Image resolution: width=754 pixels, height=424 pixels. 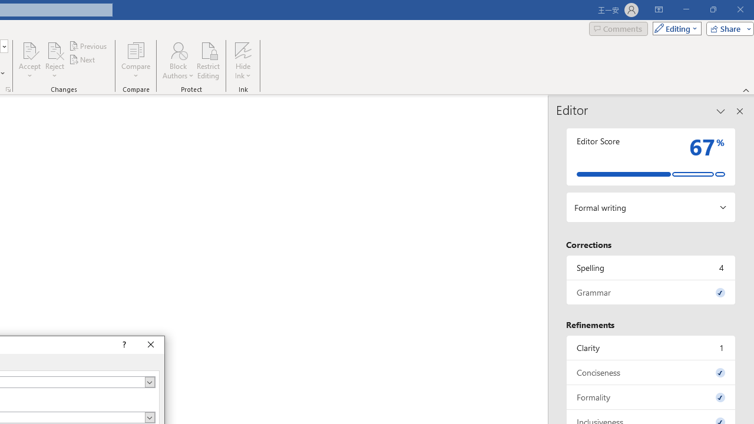 I want to click on 'Editor Score 67%', so click(x=650, y=156).